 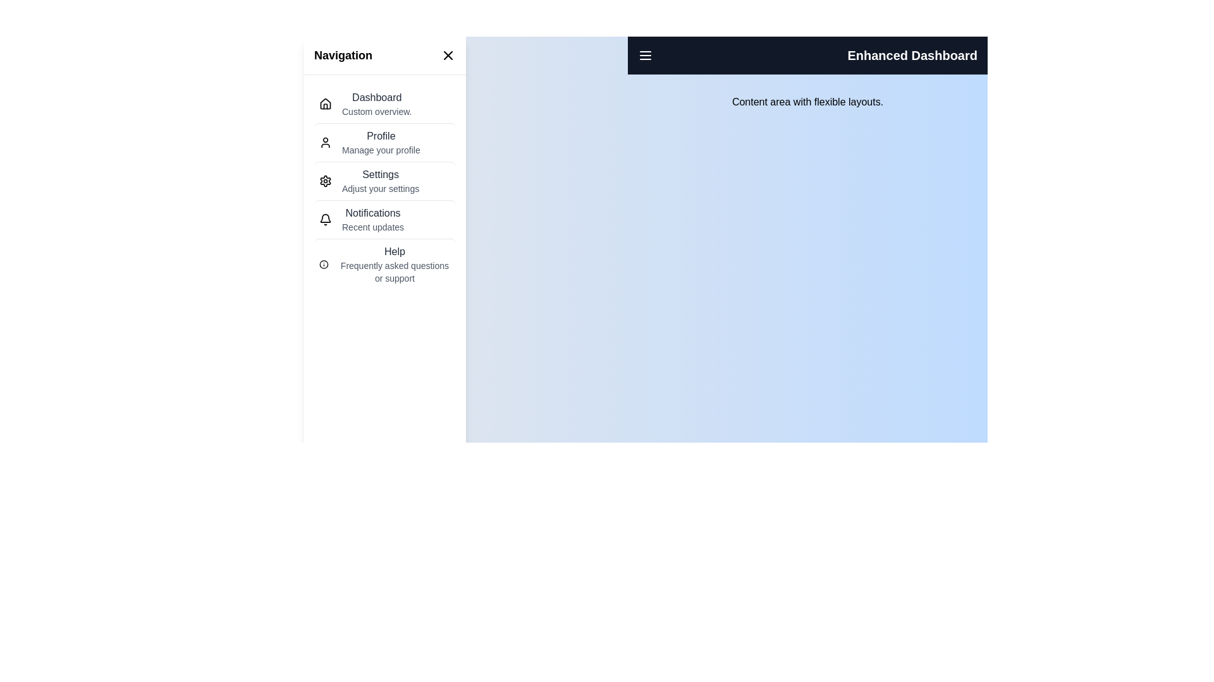 What do you see at coordinates (325, 181) in the screenshot?
I see `the settings icon in the sidebar menu` at bounding box center [325, 181].